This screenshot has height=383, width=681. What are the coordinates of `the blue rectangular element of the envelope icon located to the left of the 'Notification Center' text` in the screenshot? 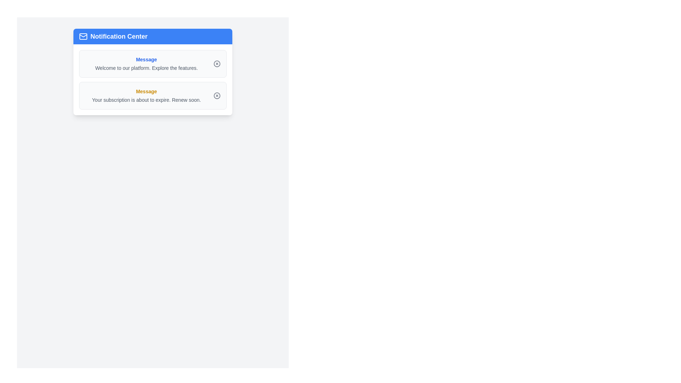 It's located at (83, 37).